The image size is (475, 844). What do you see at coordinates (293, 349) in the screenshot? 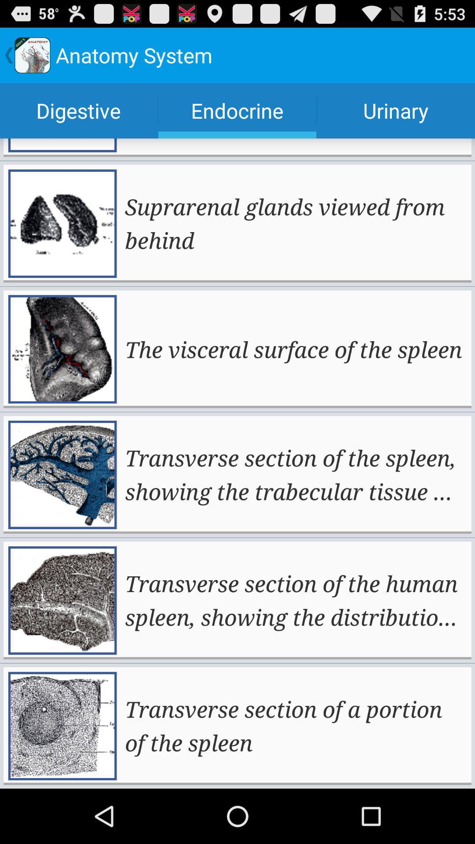
I see `the app below the suprarenal glands viewed` at bounding box center [293, 349].